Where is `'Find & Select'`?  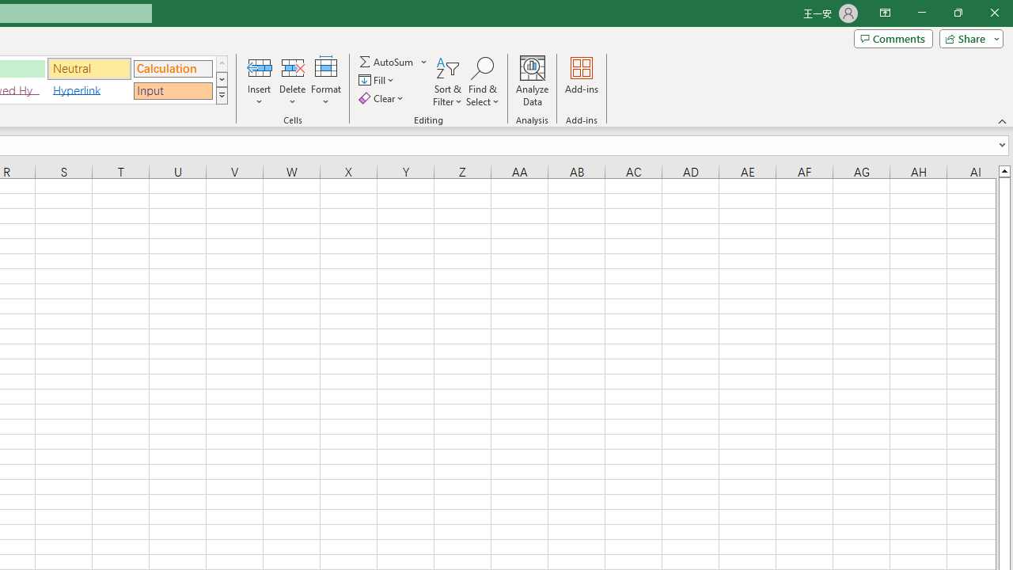 'Find & Select' is located at coordinates (482, 82).